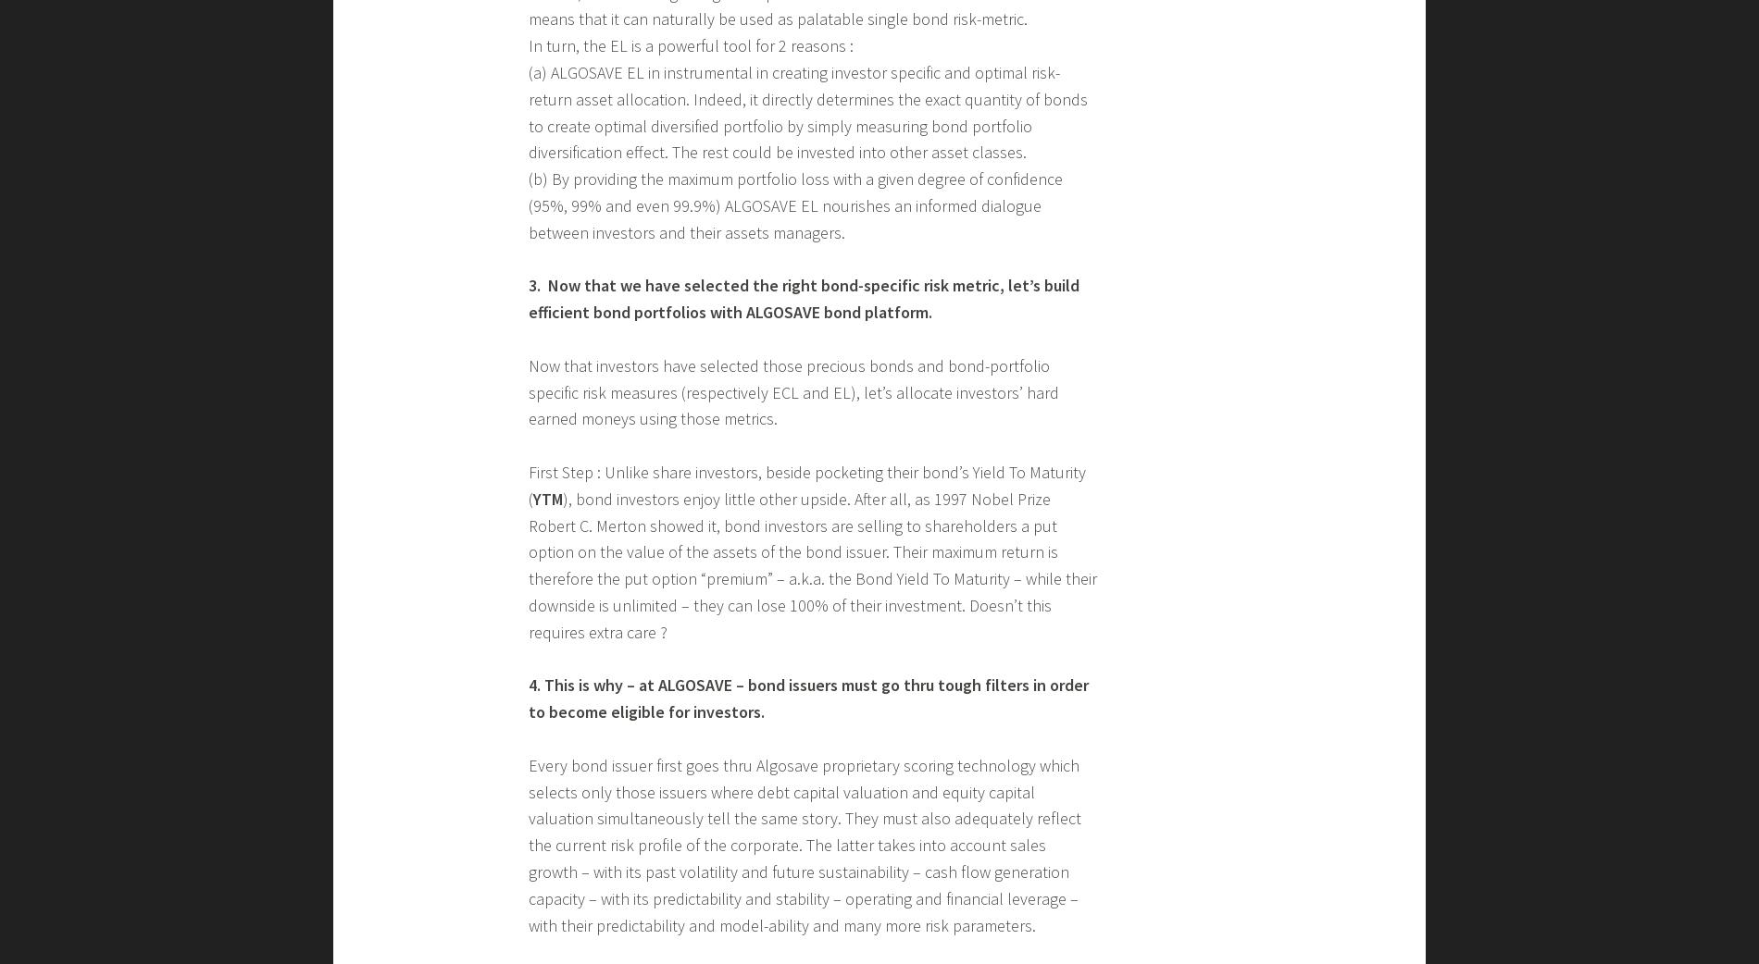  Describe the element at coordinates (528, 698) in the screenshot. I see `'4. This is why – at ALGOSAVE – bond issuers must go thru tough filters in order to become eligible for investors.'` at that location.